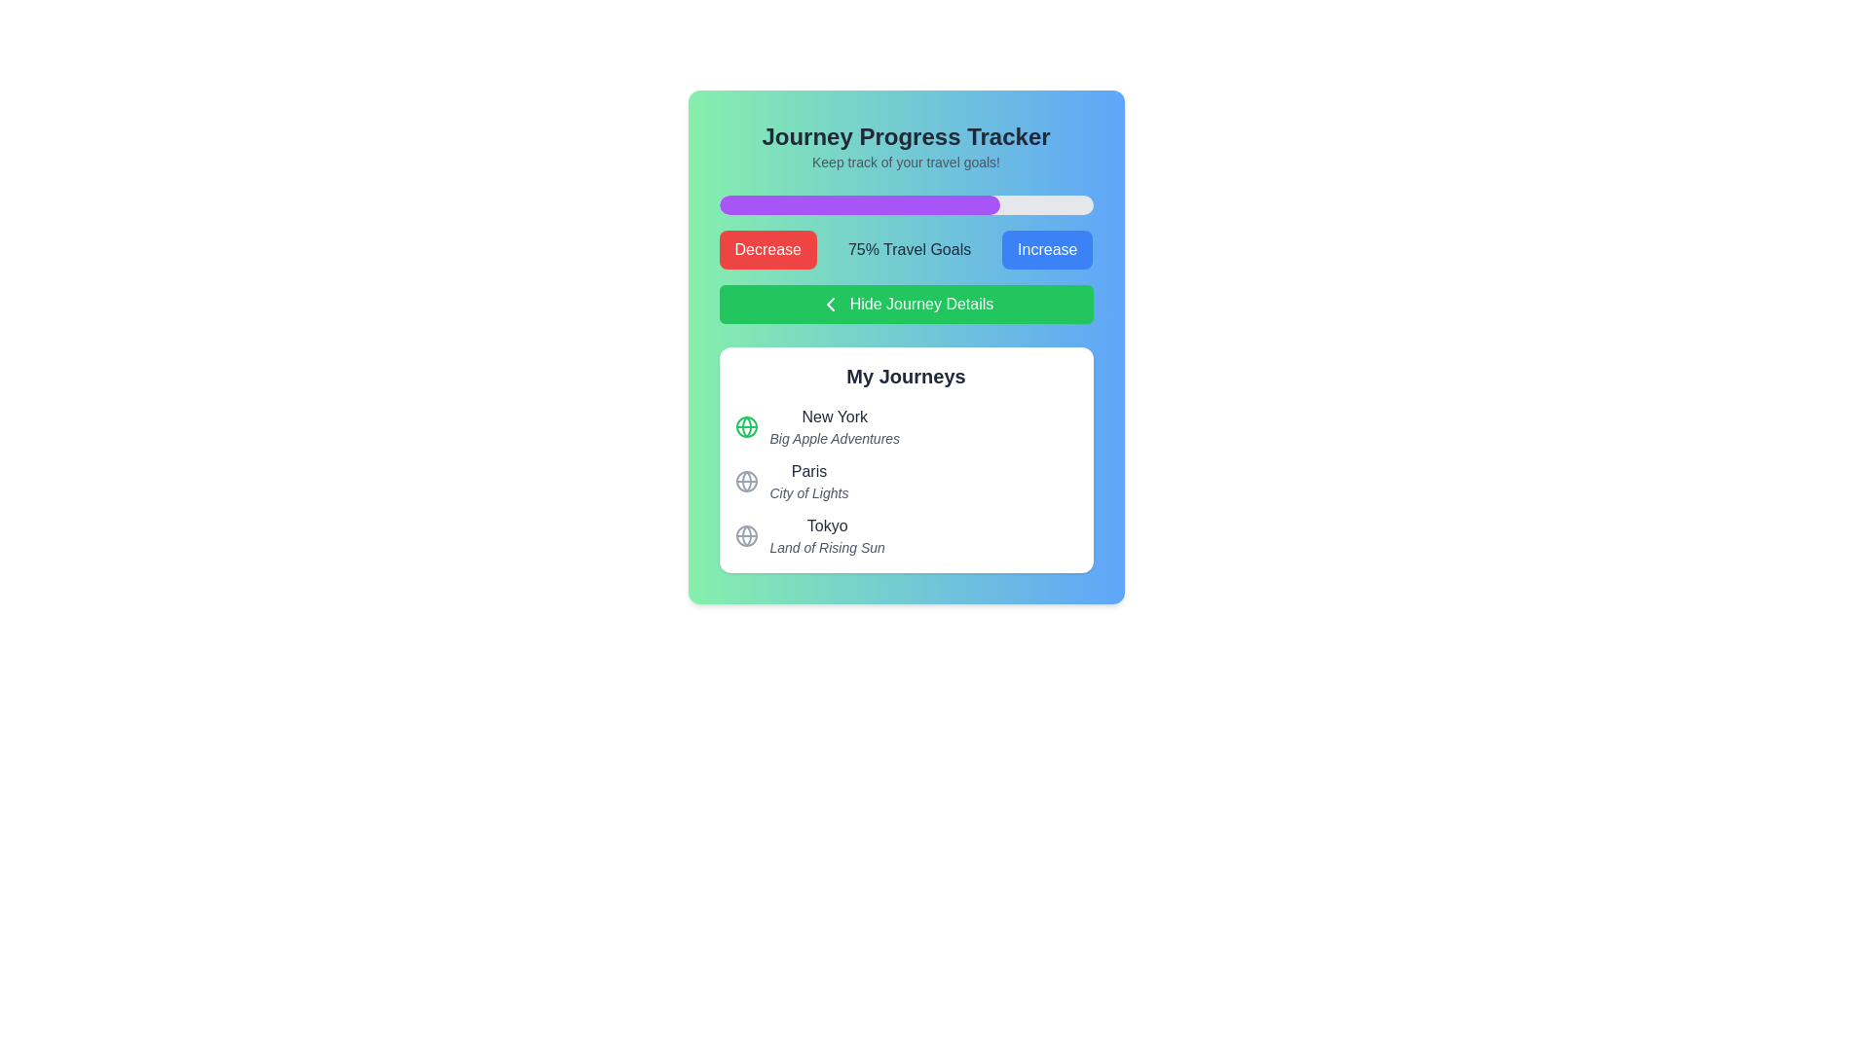 This screenshot has width=1870, height=1051. Describe the element at coordinates (905, 304) in the screenshot. I see `the rectangular green button labeled 'Hide Journey Details'` at that location.